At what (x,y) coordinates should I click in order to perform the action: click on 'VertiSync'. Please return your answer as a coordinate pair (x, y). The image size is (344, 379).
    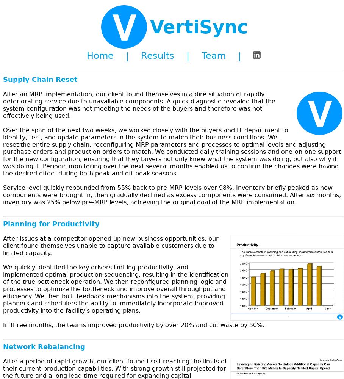
    Looking at the image, I should click on (149, 27).